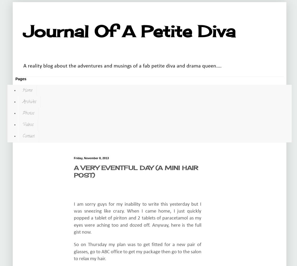  I want to click on 'A reality blog about the adventures and musings of a fab petite diva and drama queen....', so click(23, 66).